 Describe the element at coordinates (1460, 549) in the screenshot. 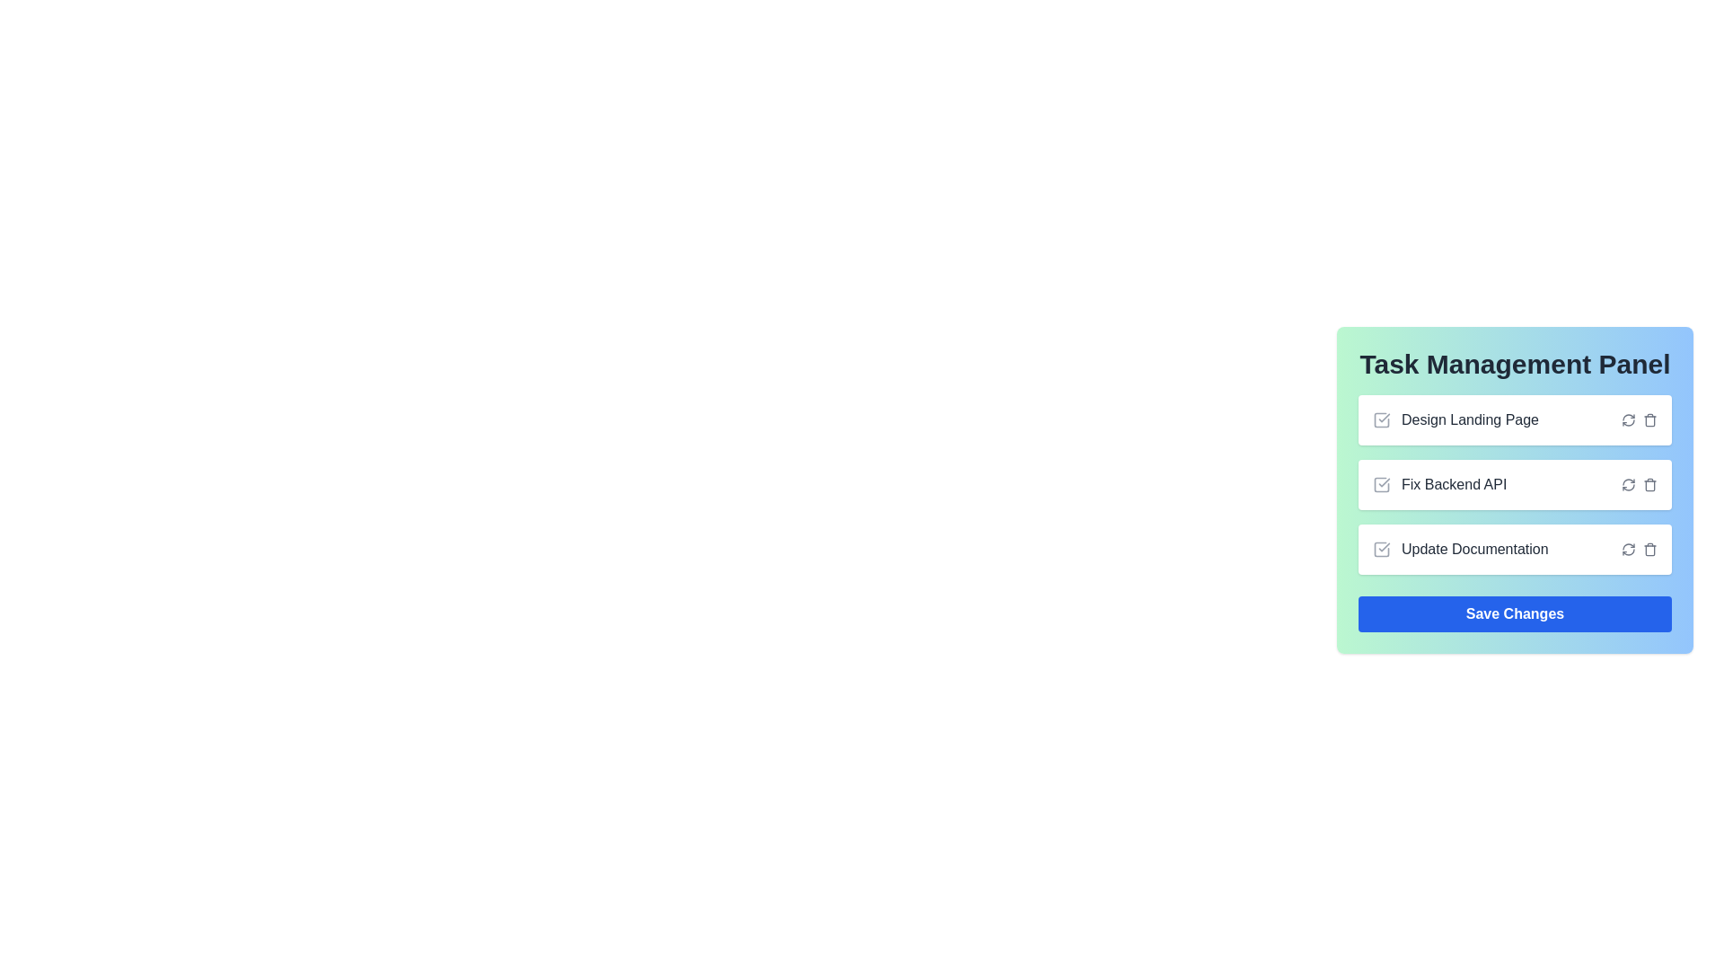

I see `the label element that describes the task 'Update Documentation', which is the third item in the task management list` at that location.